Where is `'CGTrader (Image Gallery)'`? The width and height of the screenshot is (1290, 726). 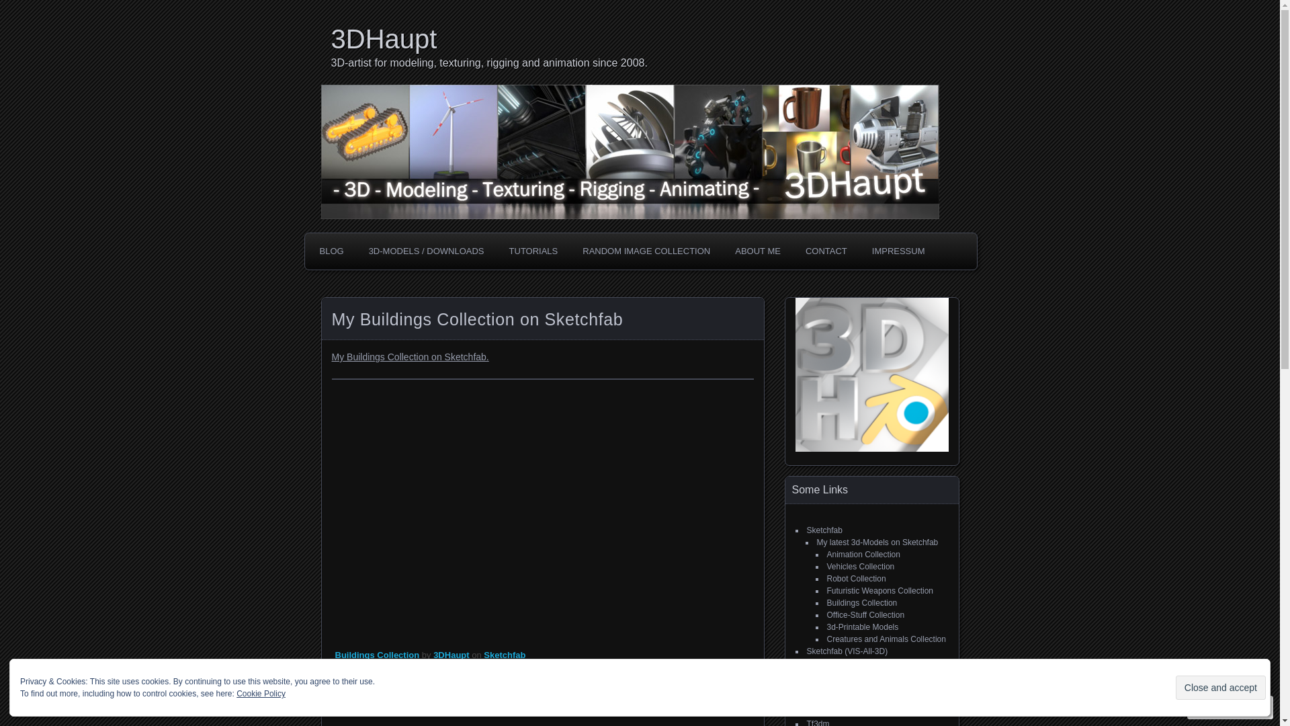 'CGTrader (Image Gallery)' is located at coordinates (806, 699).